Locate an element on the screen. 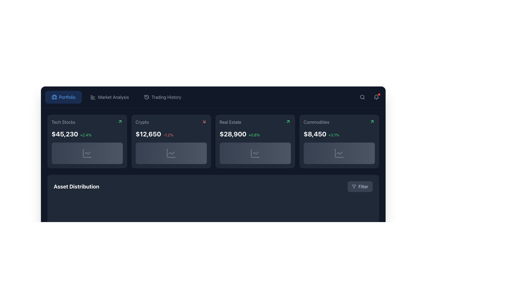 This screenshot has height=290, width=517. the data display component that presents financial statistics for 'Real Estate', located in the second row of the 'Real Estate' card, below the 'Real Estate' label is located at coordinates (255, 133).